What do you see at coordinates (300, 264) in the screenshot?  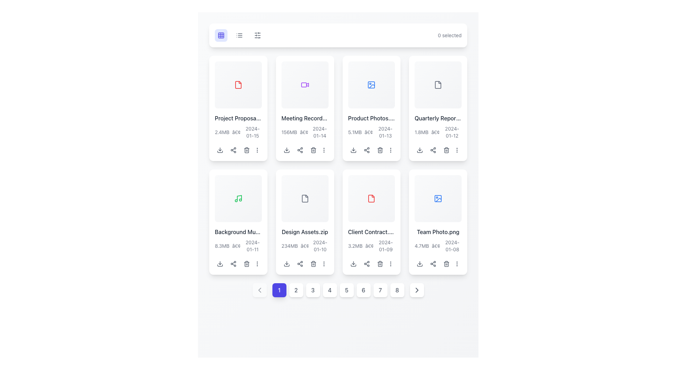 I see `the share icon button, which is represented by three interconnected circles and two lines in a triangular arrangement, located in the second row, second column of the grid layout under the 'Design Assets.zip' file thumbnail to initiate the sharing process` at bounding box center [300, 264].